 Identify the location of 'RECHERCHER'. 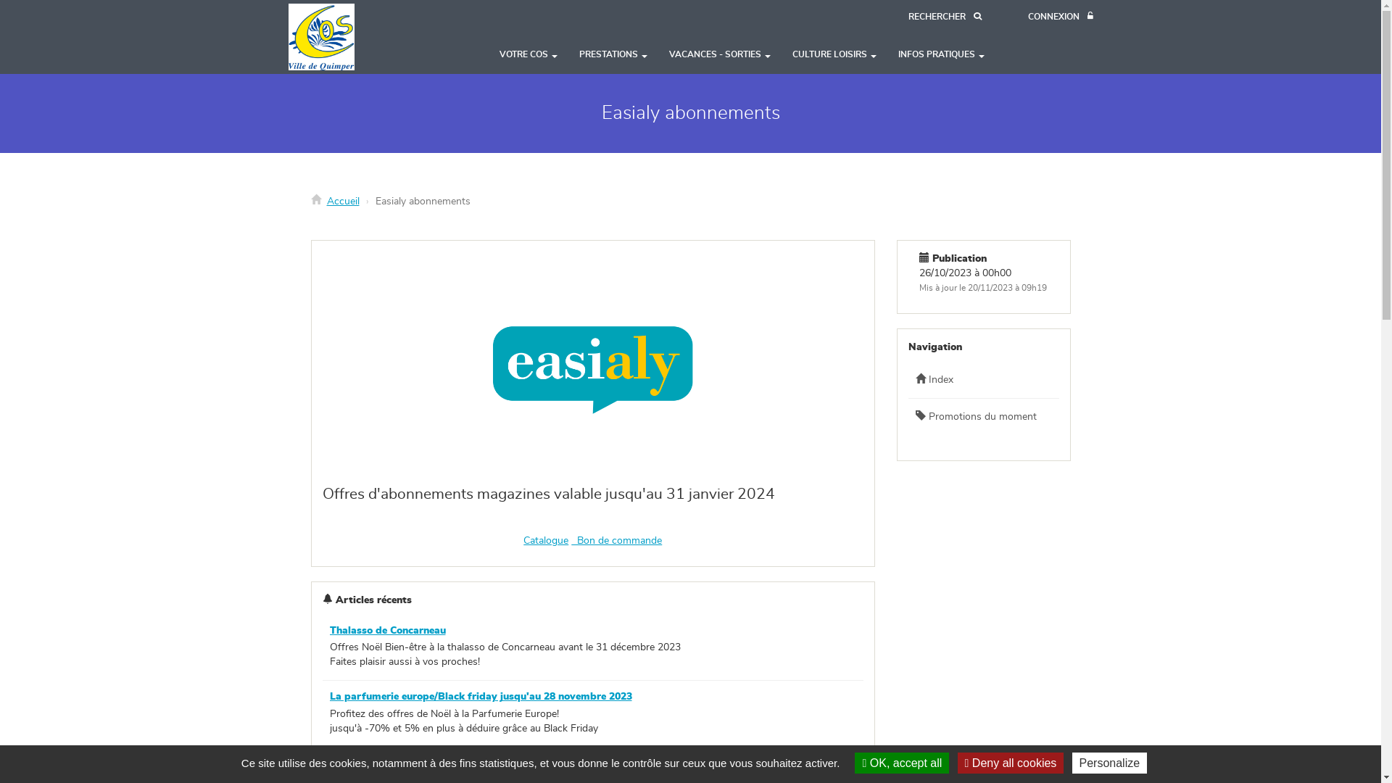
(944, 17).